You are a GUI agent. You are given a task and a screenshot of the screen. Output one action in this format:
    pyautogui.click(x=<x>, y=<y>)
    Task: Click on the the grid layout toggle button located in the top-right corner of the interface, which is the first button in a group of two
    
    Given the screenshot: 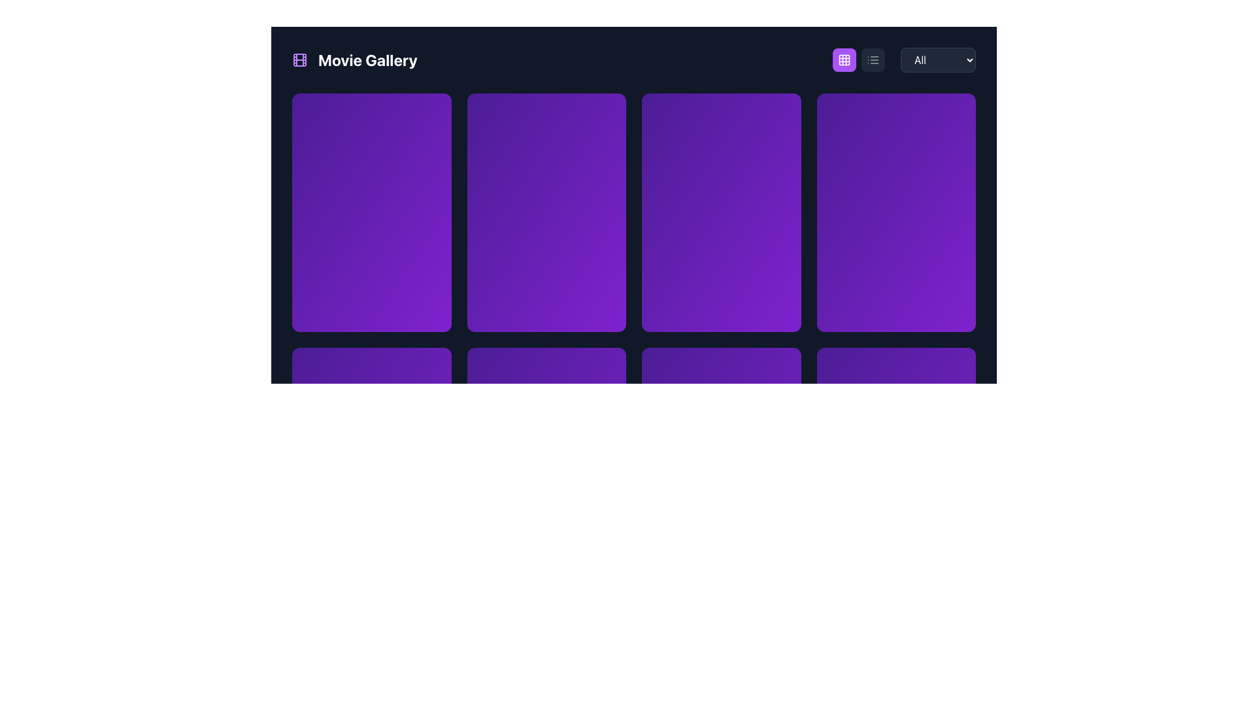 What is the action you would take?
    pyautogui.click(x=844, y=60)
    